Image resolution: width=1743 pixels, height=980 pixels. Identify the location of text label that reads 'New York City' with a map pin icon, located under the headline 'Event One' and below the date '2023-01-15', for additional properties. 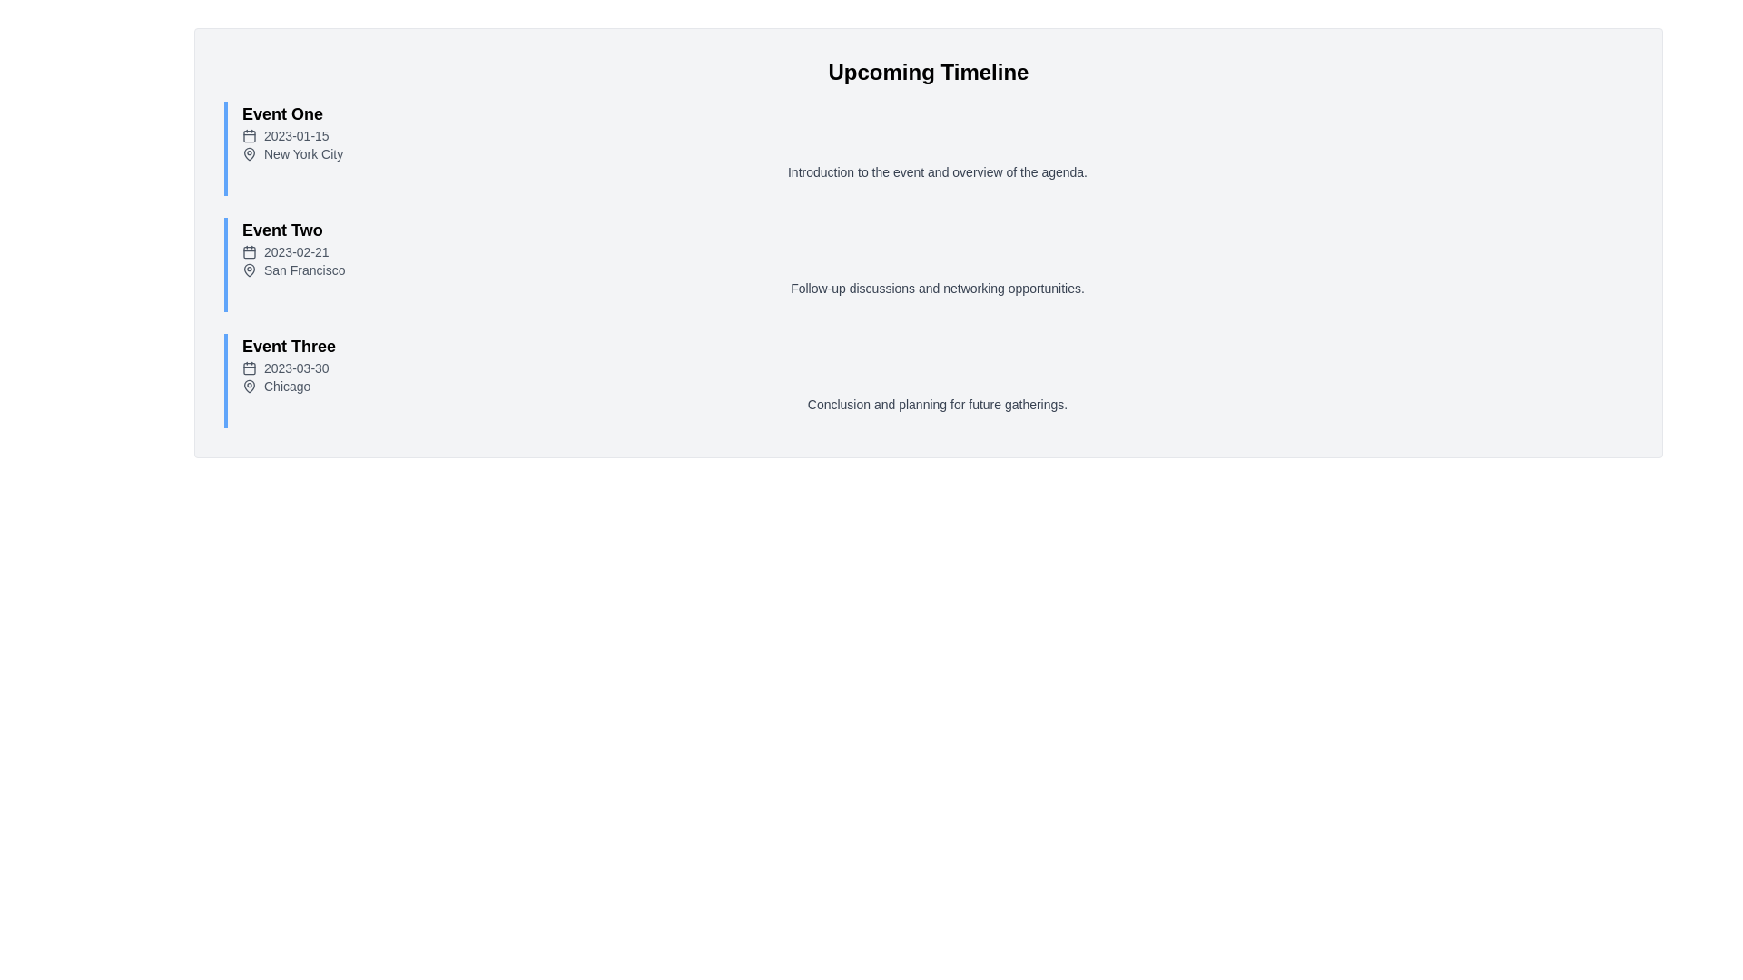
(937, 152).